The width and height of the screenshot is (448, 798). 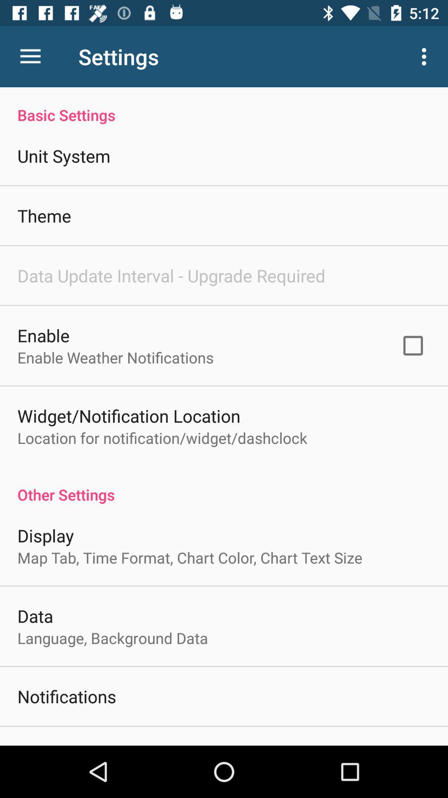 What do you see at coordinates (30, 56) in the screenshot?
I see `icon to the left of the settings` at bounding box center [30, 56].